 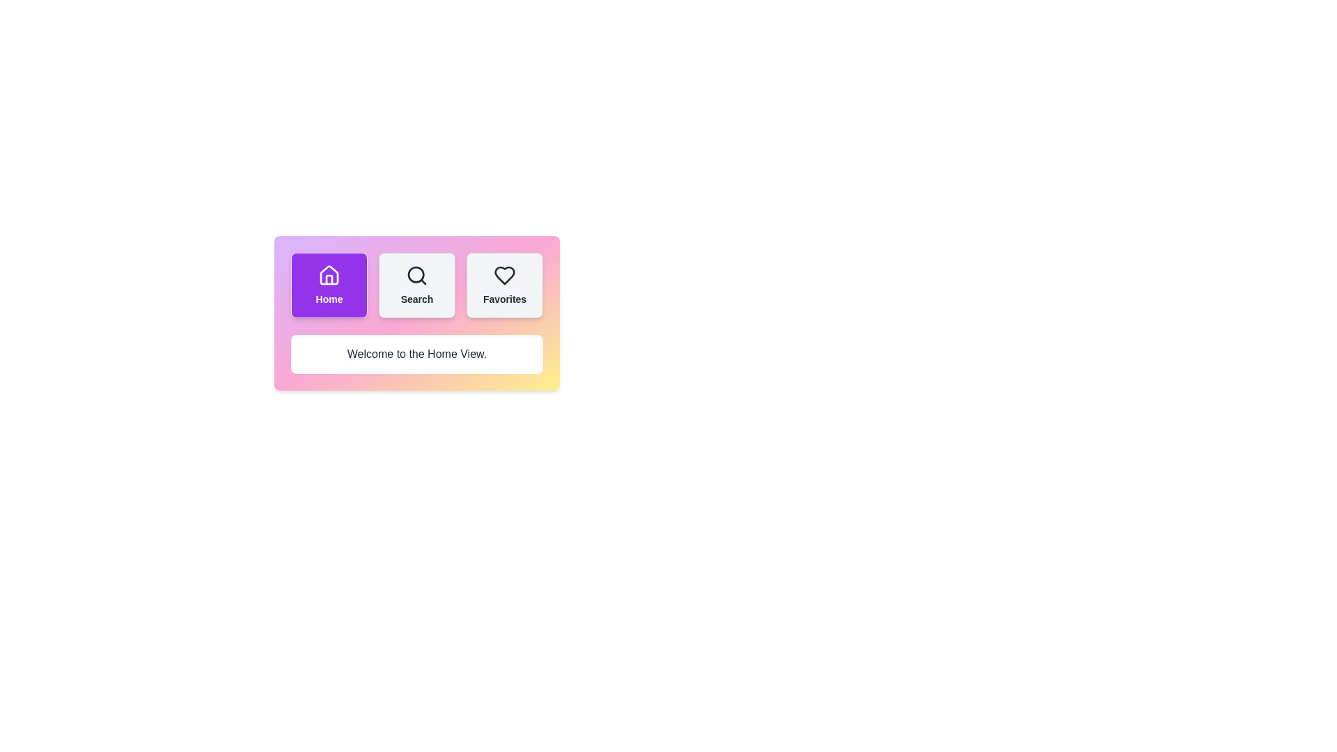 What do you see at coordinates (503, 276) in the screenshot?
I see `the 'Favorites' heart icon located in the toolbar, which visually represents the 'Favorites' function` at bounding box center [503, 276].